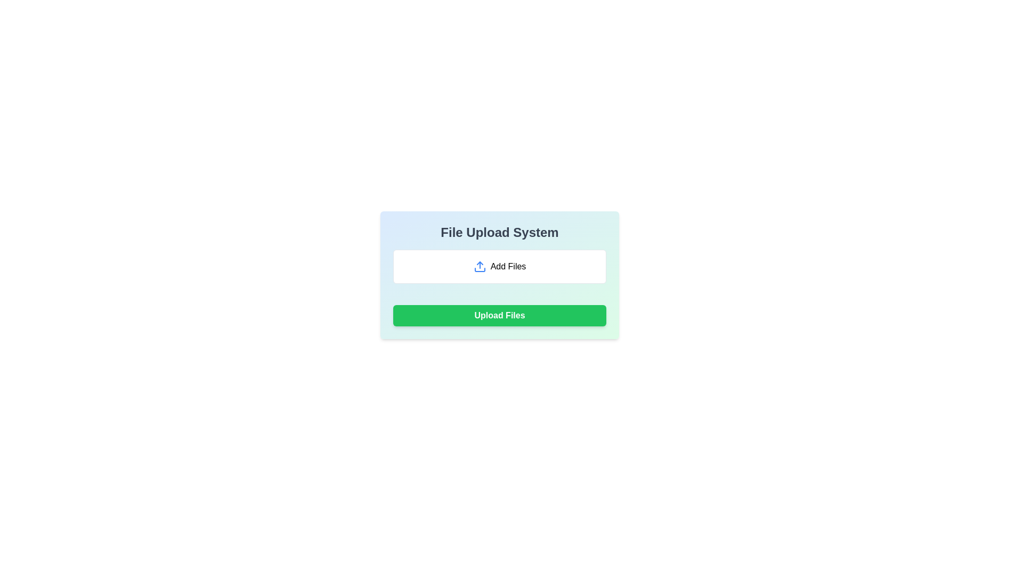  I want to click on the green rectangular button labeled 'Upload Files', so click(499, 315).